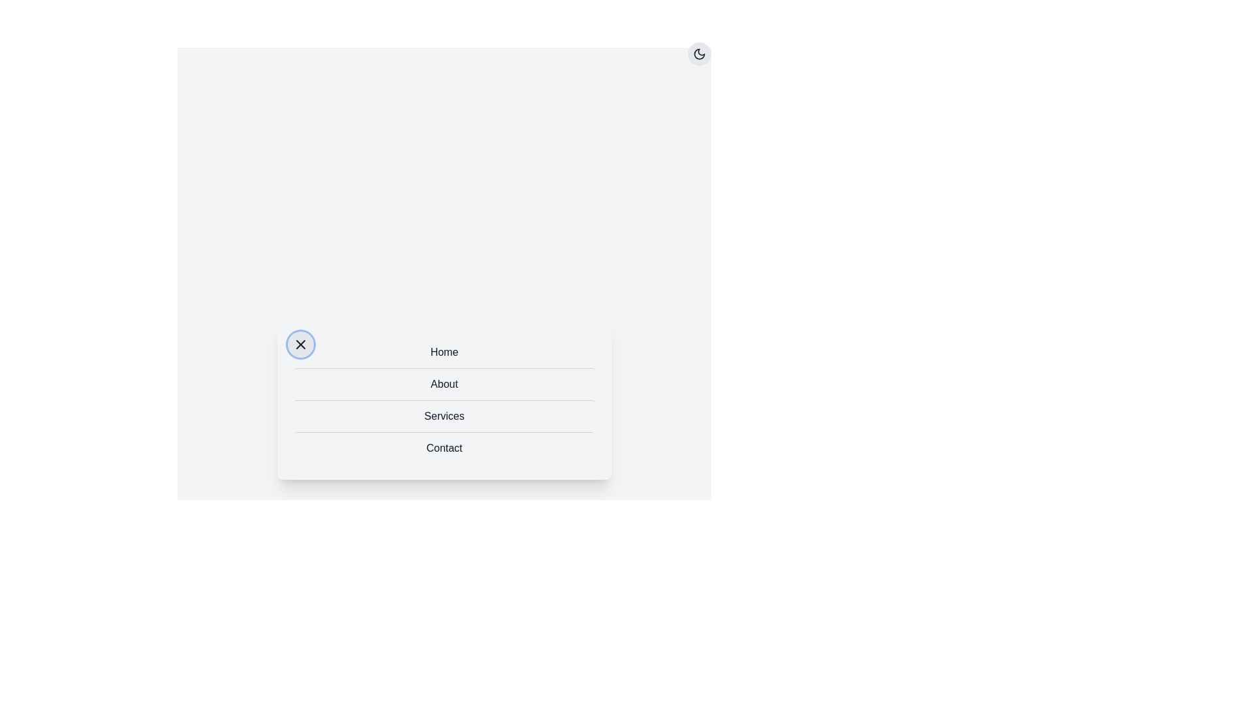 This screenshot has width=1253, height=705. I want to click on the menu item Services, so click(444, 415).